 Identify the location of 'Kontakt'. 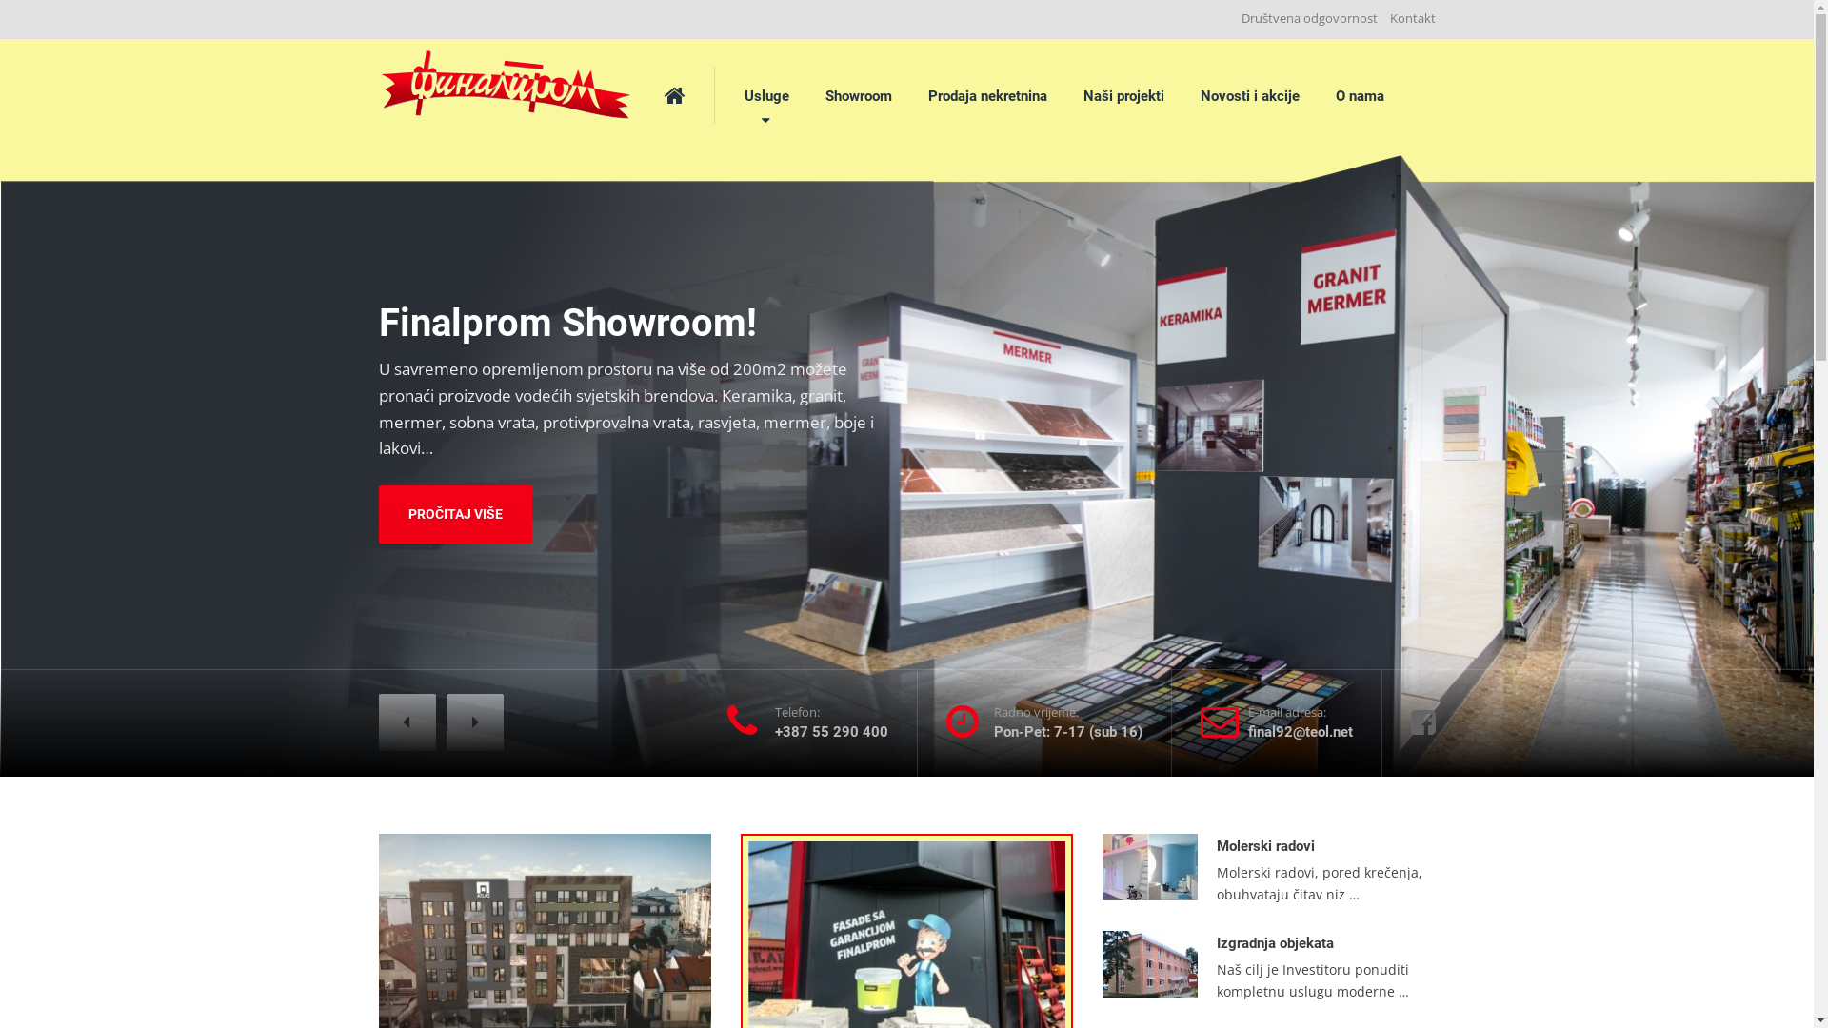
(1409, 18).